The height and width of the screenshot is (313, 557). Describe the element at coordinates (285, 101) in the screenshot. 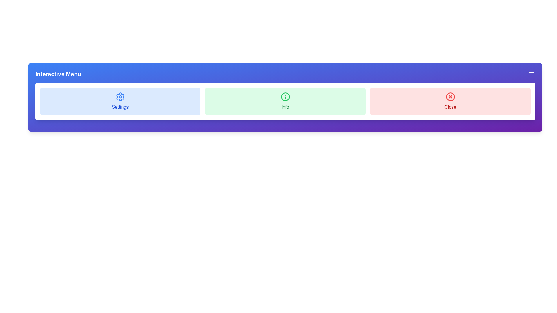

I see `the 'Info' button to view information` at that location.